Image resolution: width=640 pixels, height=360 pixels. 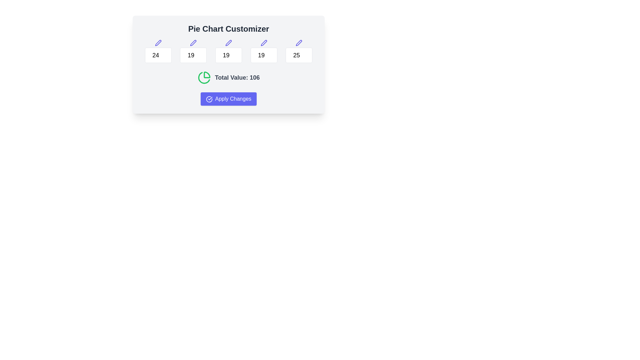 I want to click on the numeric input box in the 'Pie Chart Customizer' interface, so click(x=229, y=51).